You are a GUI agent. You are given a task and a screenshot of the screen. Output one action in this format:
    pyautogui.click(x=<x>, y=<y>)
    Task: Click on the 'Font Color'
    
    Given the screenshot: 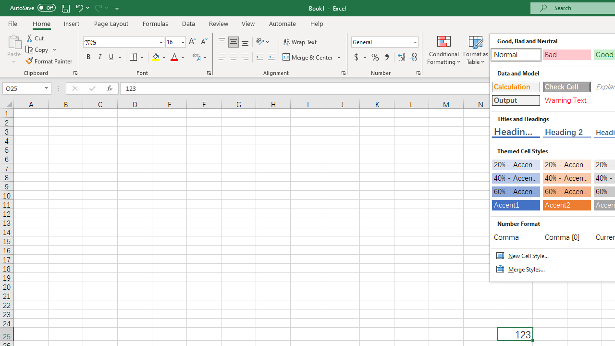 What is the action you would take?
    pyautogui.click(x=178, y=57)
    